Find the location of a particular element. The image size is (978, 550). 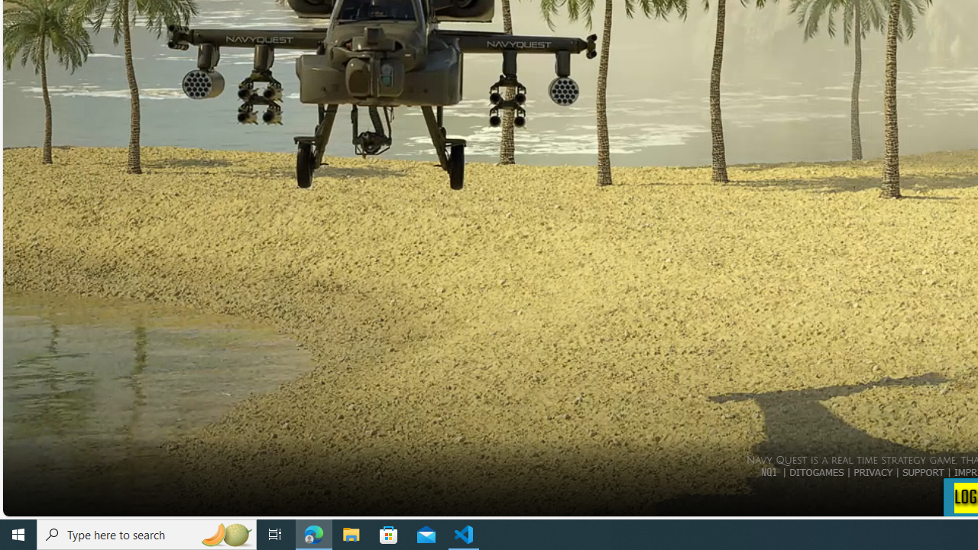

'PRIVACY' is located at coordinates (873, 471).